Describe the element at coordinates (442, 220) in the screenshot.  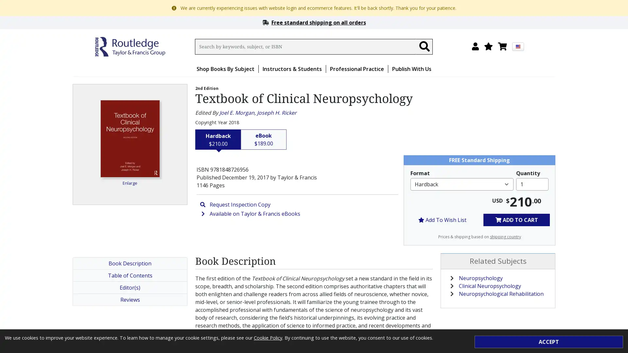
I see `Add To Wish List` at that location.